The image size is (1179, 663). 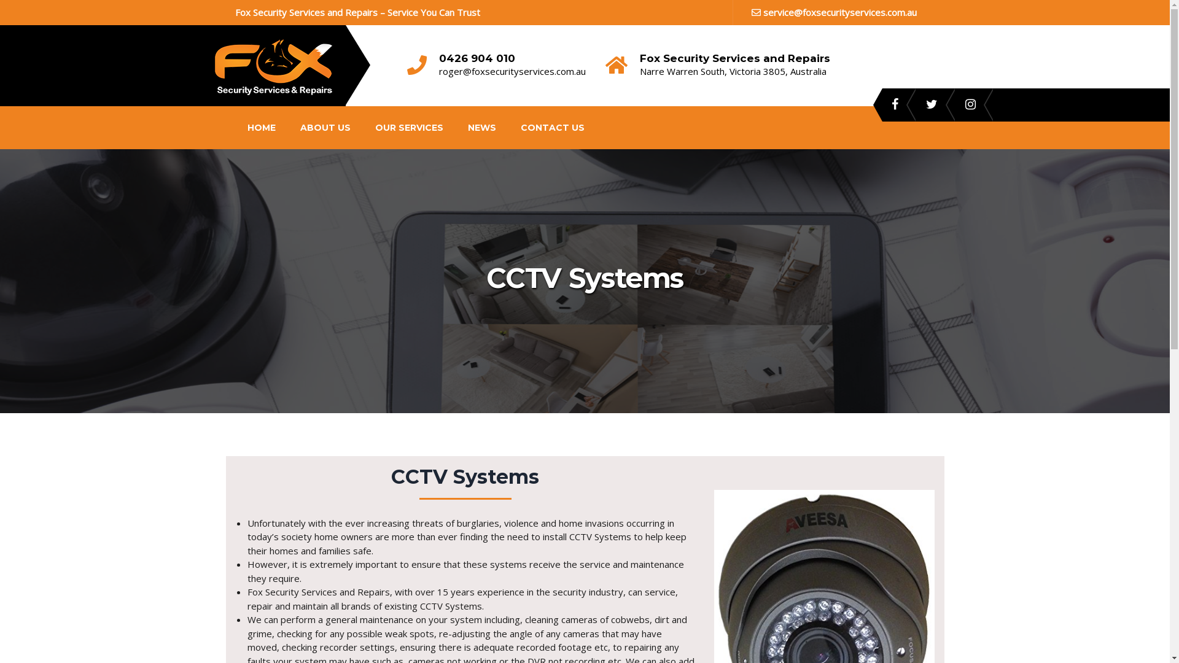 I want to click on 'ABOUT US', so click(x=324, y=126).